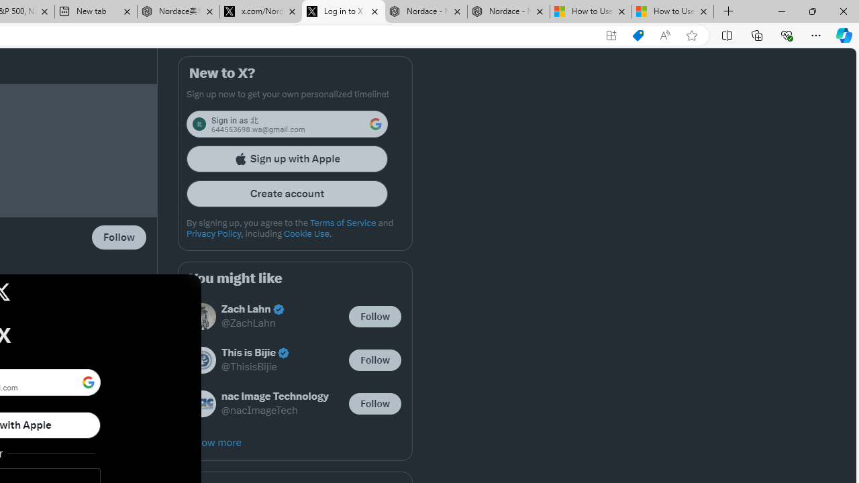 The width and height of the screenshot is (859, 483). What do you see at coordinates (844, 34) in the screenshot?
I see `'Copilot (Ctrl+Shift+.)'` at bounding box center [844, 34].